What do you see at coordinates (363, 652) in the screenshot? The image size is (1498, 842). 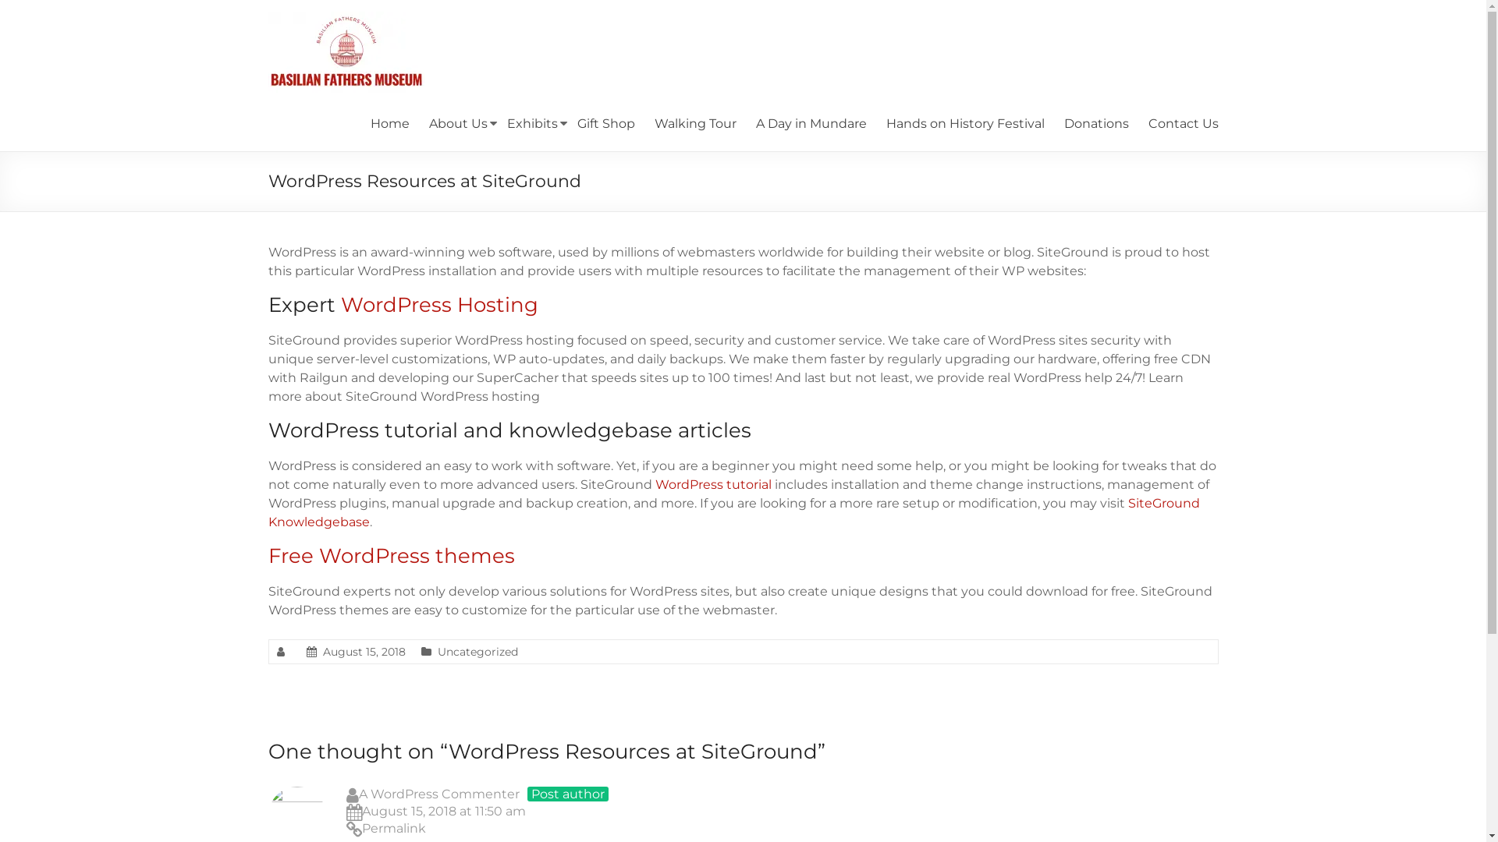 I see `'August 15, 2018'` at bounding box center [363, 652].